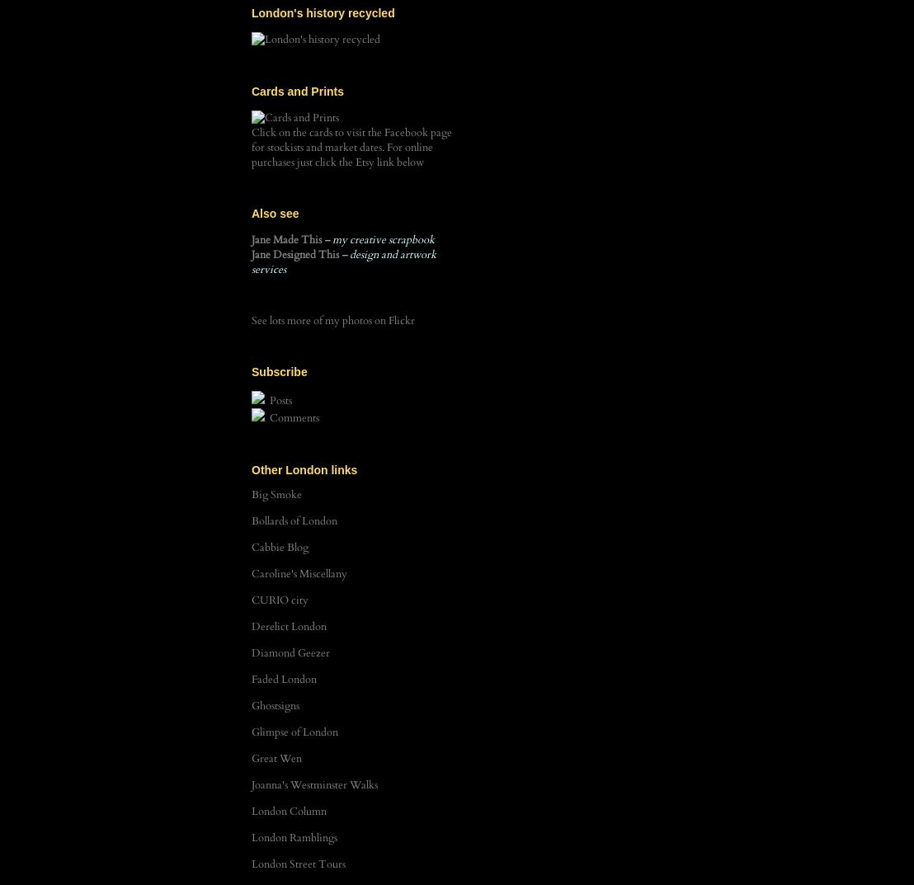  Describe the element at coordinates (298, 573) in the screenshot. I see `'Caroline's Miscellany'` at that location.